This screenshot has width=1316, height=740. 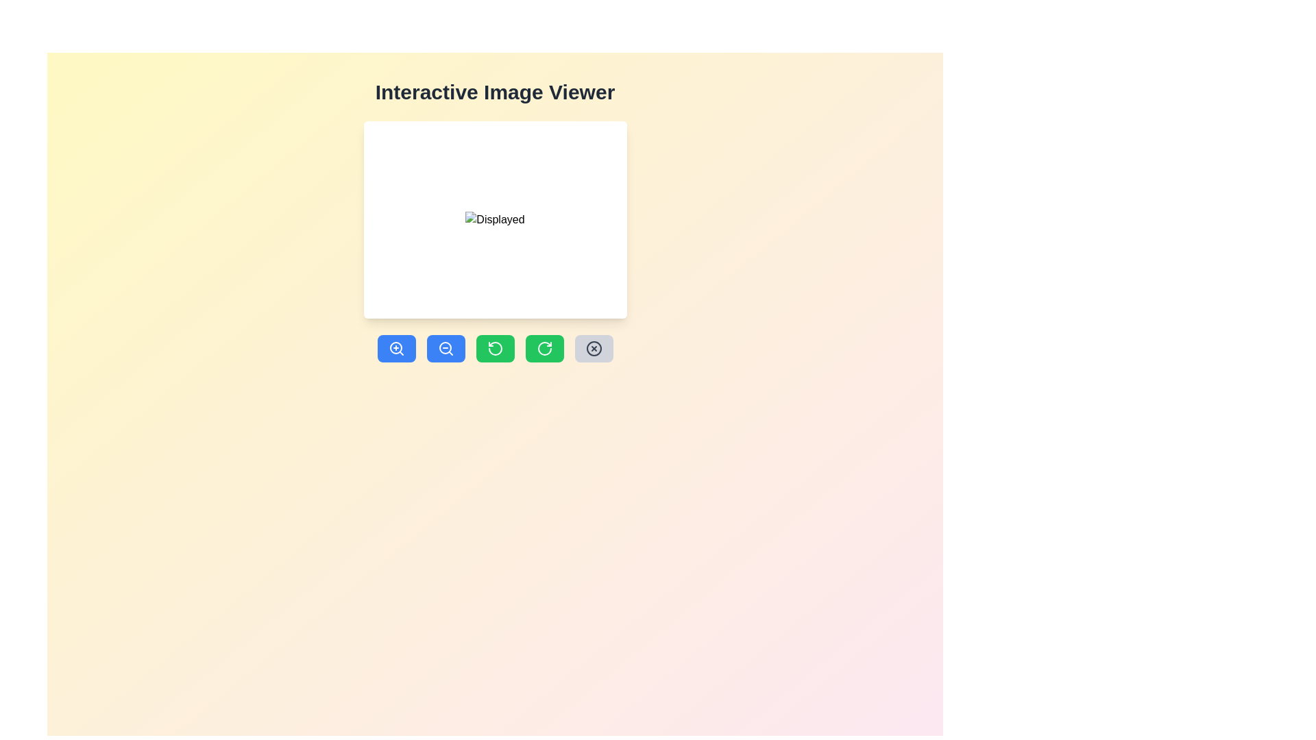 I want to click on the third button from the left, located below the main image viewer, so click(x=494, y=348).